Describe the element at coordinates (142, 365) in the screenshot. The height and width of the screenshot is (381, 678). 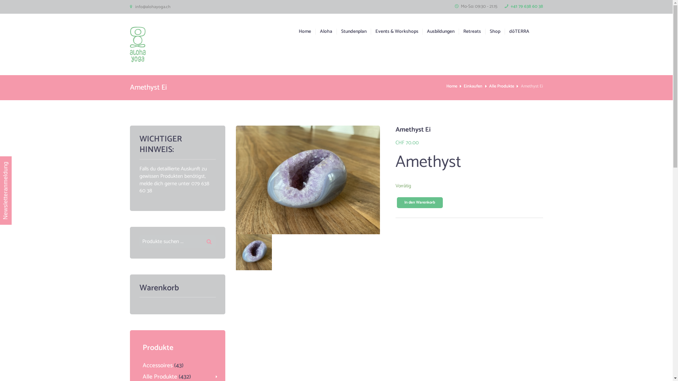
I see `'Accessoires'` at that location.